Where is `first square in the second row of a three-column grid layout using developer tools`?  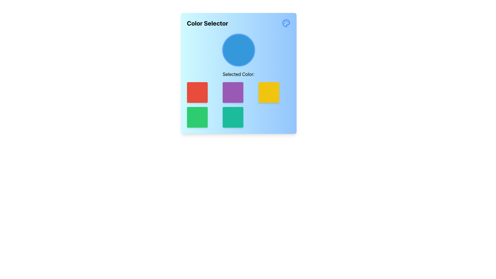
first square in the second row of a three-column grid layout using developer tools is located at coordinates (202, 117).